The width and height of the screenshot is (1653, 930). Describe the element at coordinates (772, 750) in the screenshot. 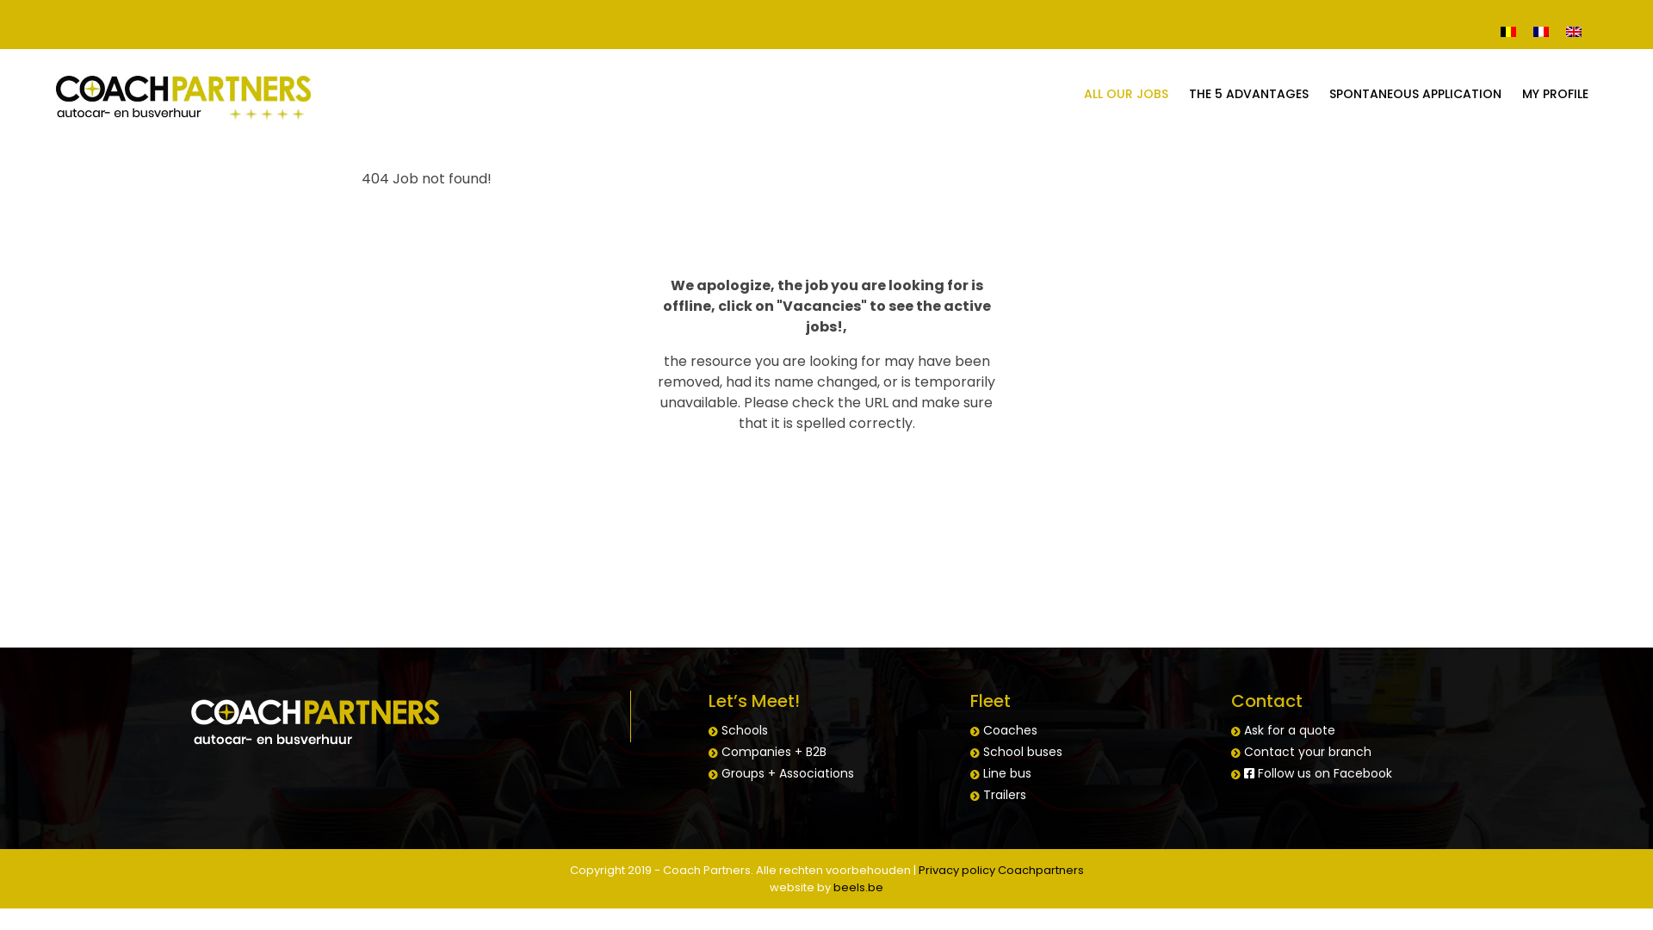

I see `'Companies + B2B'` at that location.